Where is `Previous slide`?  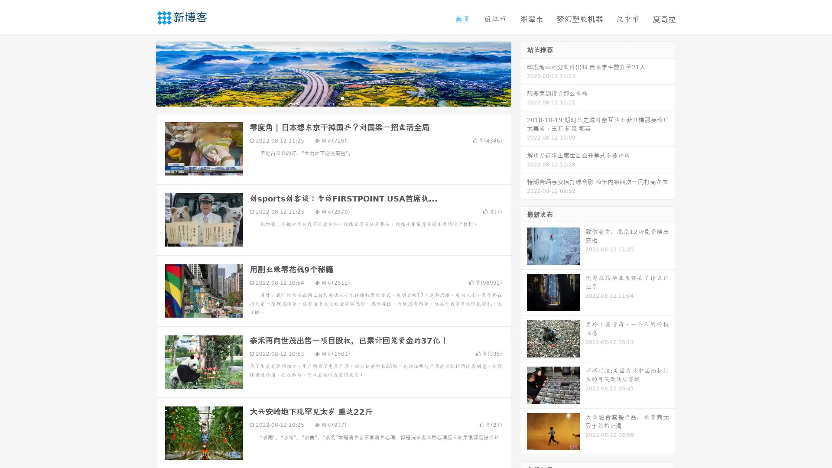 Previous slide is located at coordinates (143, 73).